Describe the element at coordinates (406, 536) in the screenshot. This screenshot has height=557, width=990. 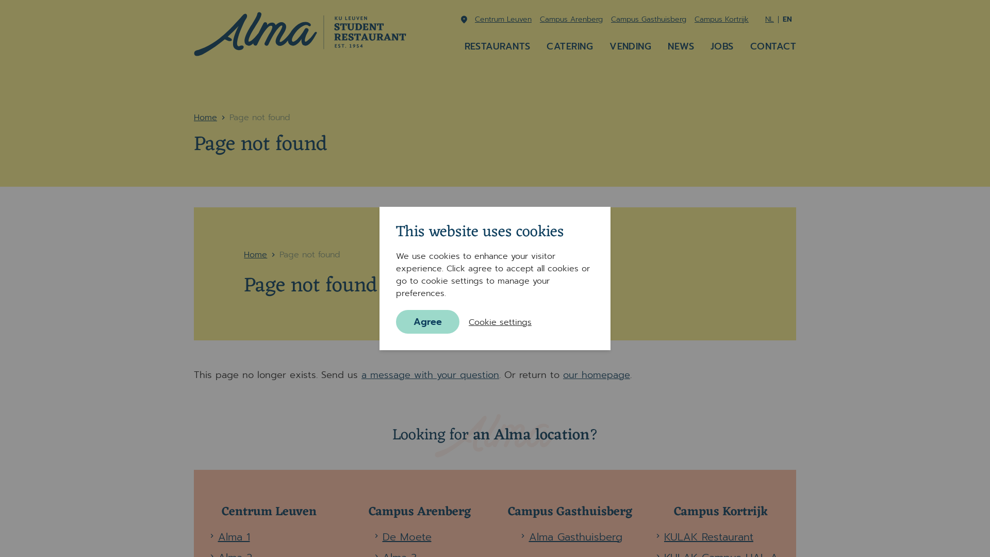
I see `'De Moete'` at that location.